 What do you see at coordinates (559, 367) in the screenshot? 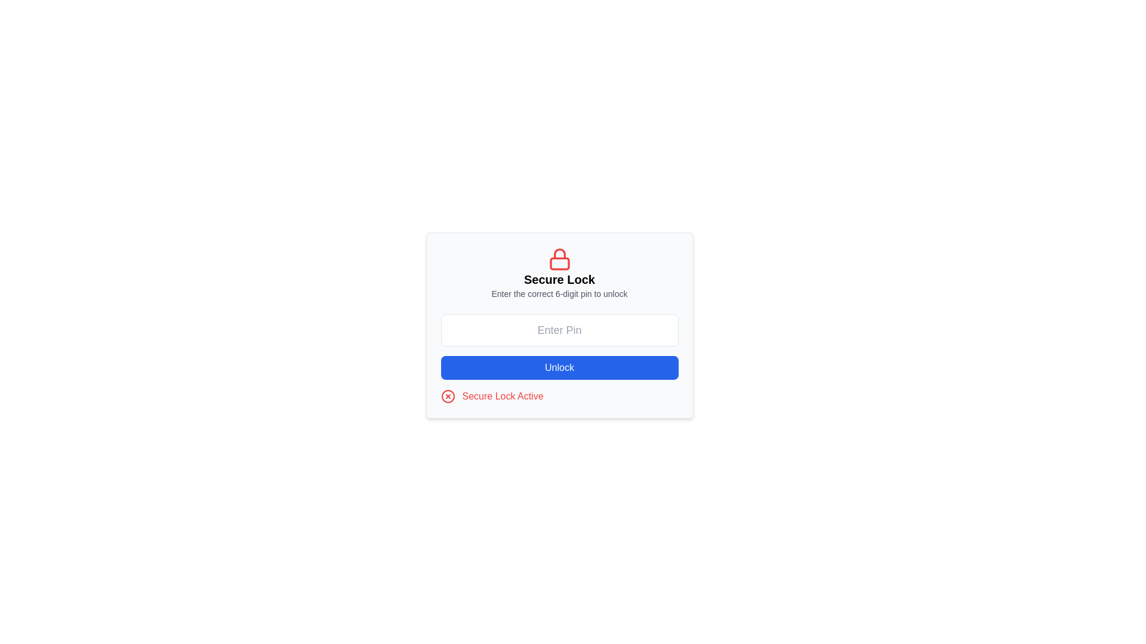
I see `the blue 'Unlock' button with rounded corners, located within the 'Secure Lock' card` at bounding box center [559, 367].